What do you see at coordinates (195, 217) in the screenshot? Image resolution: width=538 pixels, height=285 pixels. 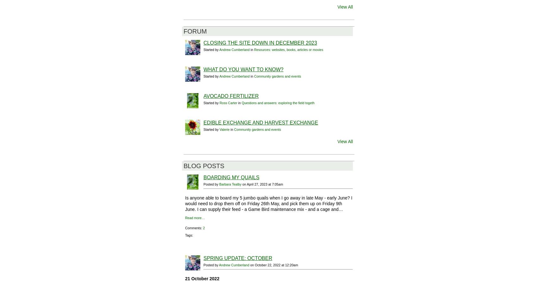 I see `'Read more…'` at bounding box center [195, 217].